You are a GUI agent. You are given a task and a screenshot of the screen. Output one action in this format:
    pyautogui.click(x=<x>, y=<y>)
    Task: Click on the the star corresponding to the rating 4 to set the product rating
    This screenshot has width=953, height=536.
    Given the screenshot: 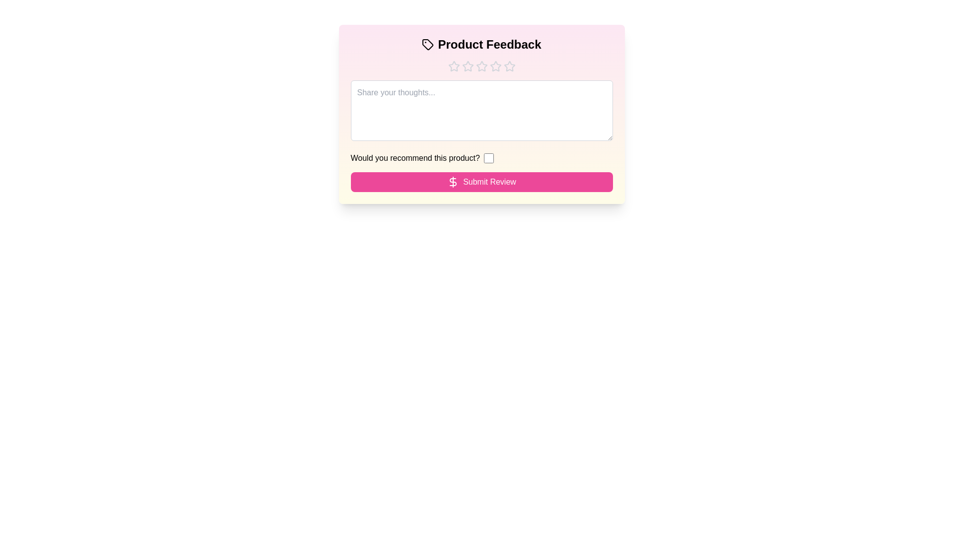 What is the action you would take?
    pyautogui.click(x=495, y=67)
    